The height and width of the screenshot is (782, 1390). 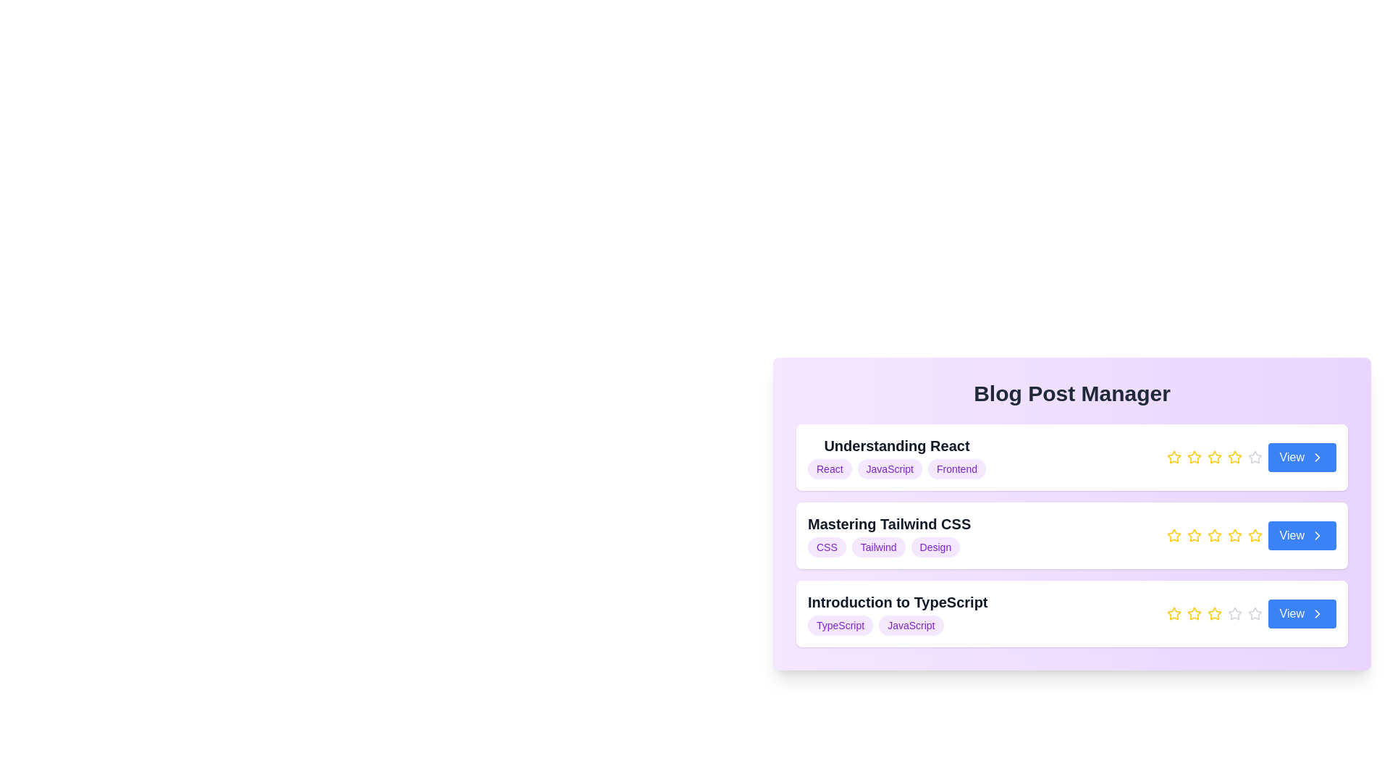 What do you see at coordinates (1214, 536) in the screenshot?
I see `the fourth star icon` at bounding box center [1214, 536].